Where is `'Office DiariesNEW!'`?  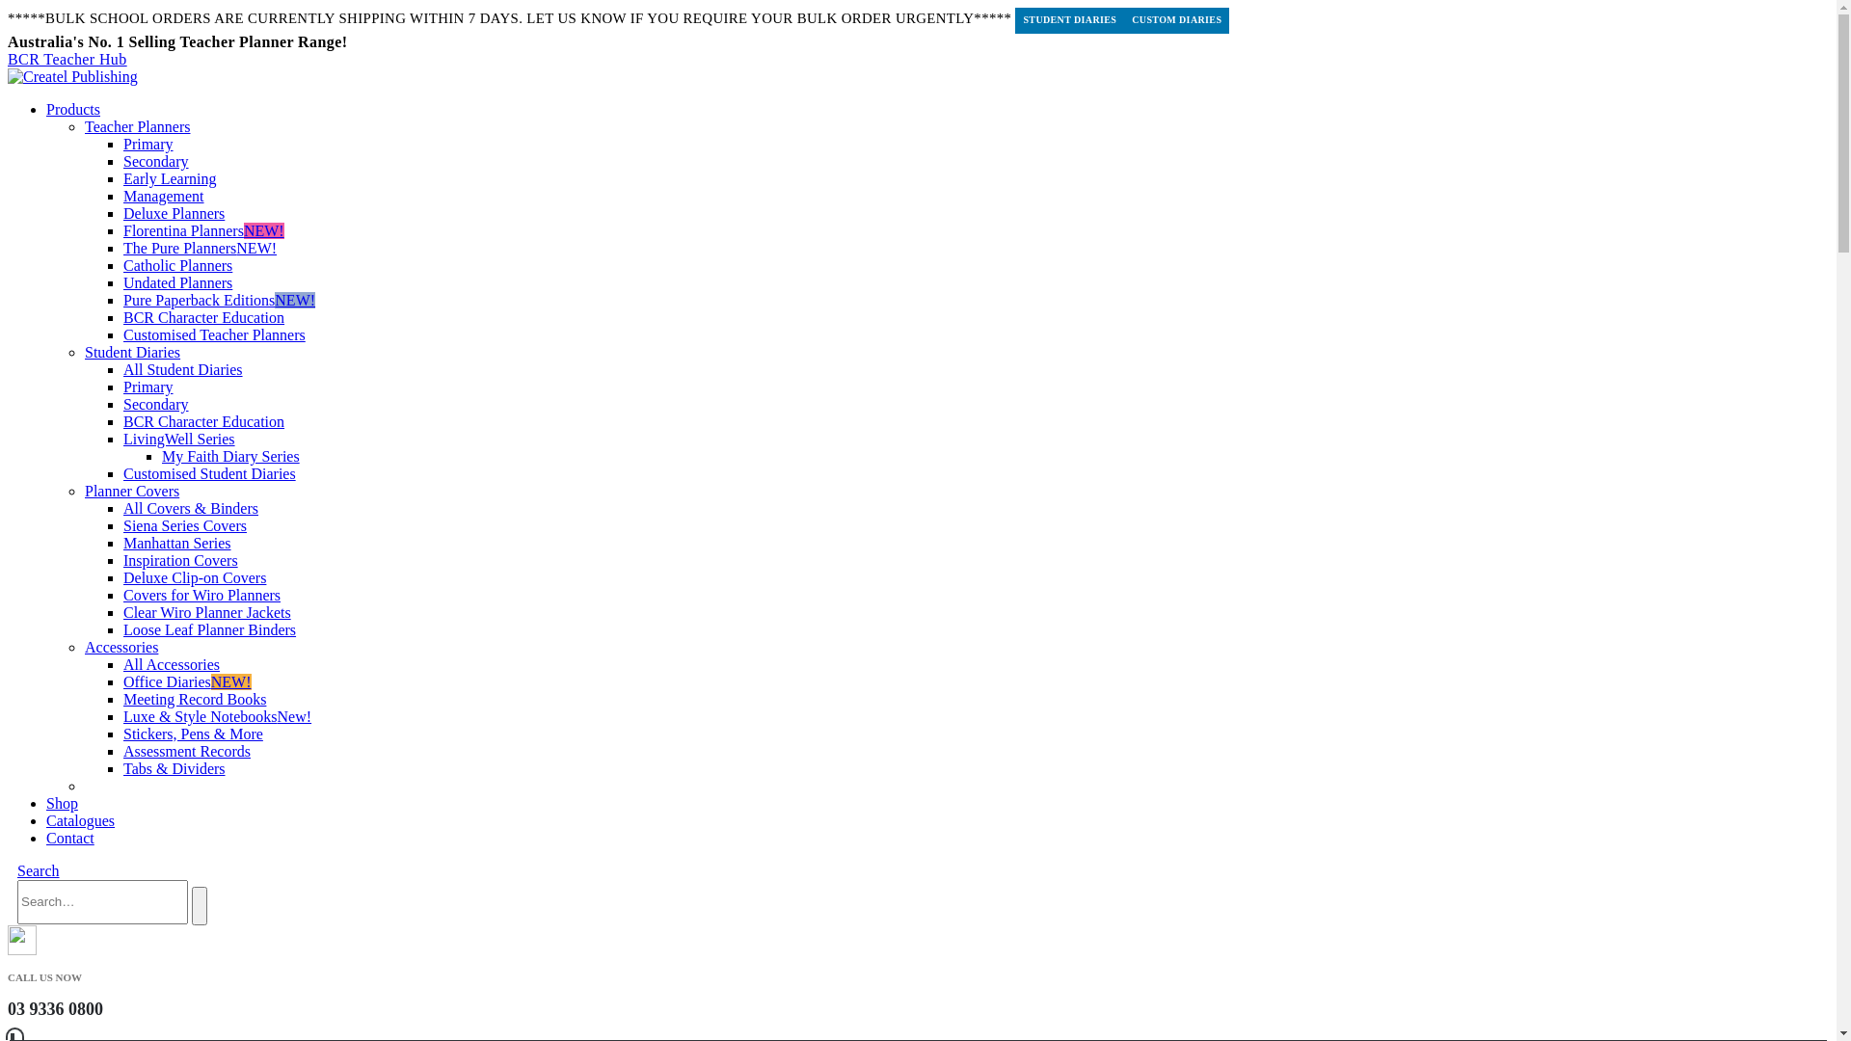
'Office DiariesNEW!' is located at coordinates (122, 681).